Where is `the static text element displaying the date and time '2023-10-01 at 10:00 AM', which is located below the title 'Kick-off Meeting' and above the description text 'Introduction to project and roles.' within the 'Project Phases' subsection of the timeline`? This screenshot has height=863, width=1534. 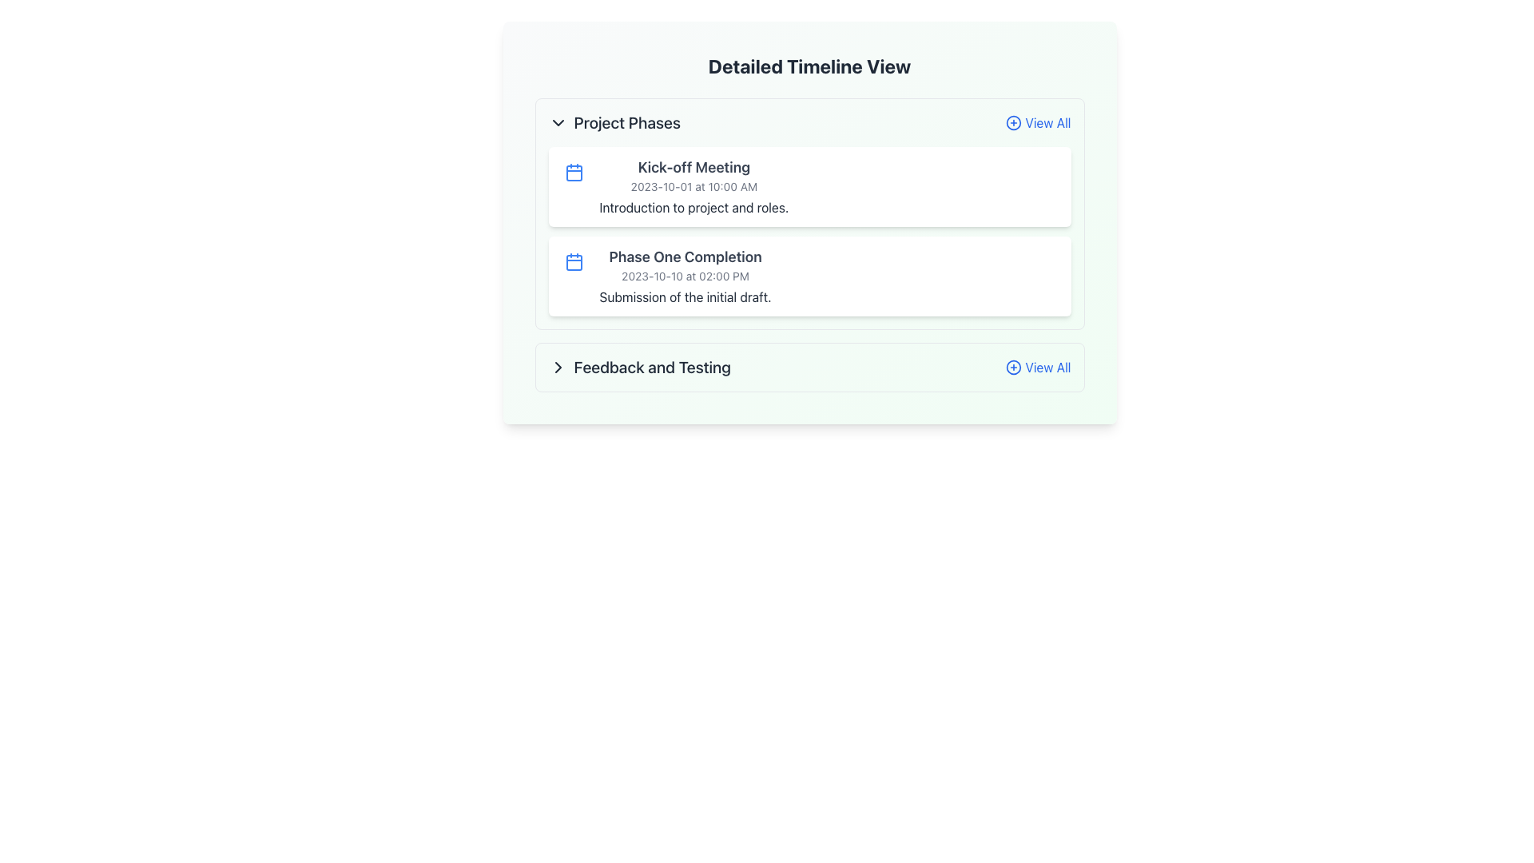
the static text element displaying the date and time '2023-10-01 at 10:00 AM', which is located below the title 'Kick-off Meeting' and above the description text 'Introduction to project and roles.' within the 'Project Phases' subsection of the timeline is located at coordinates (693, 186).